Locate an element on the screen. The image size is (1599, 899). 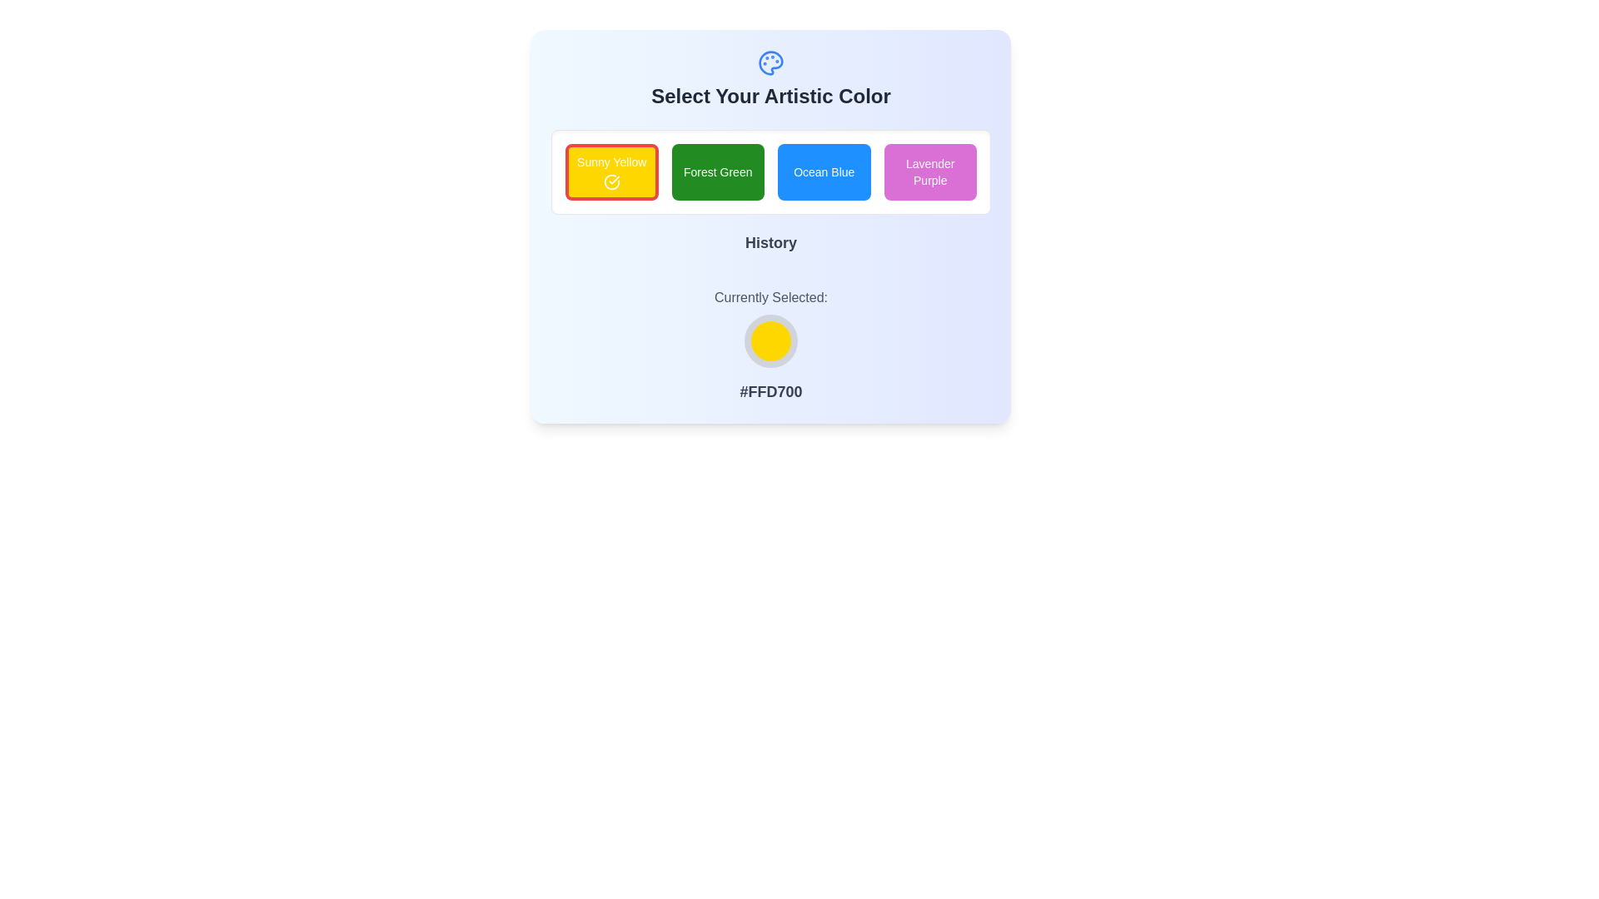
the 'Ocean Blue' color selection button, which is the third button in a row of four options is located at coordinates (824, 172).